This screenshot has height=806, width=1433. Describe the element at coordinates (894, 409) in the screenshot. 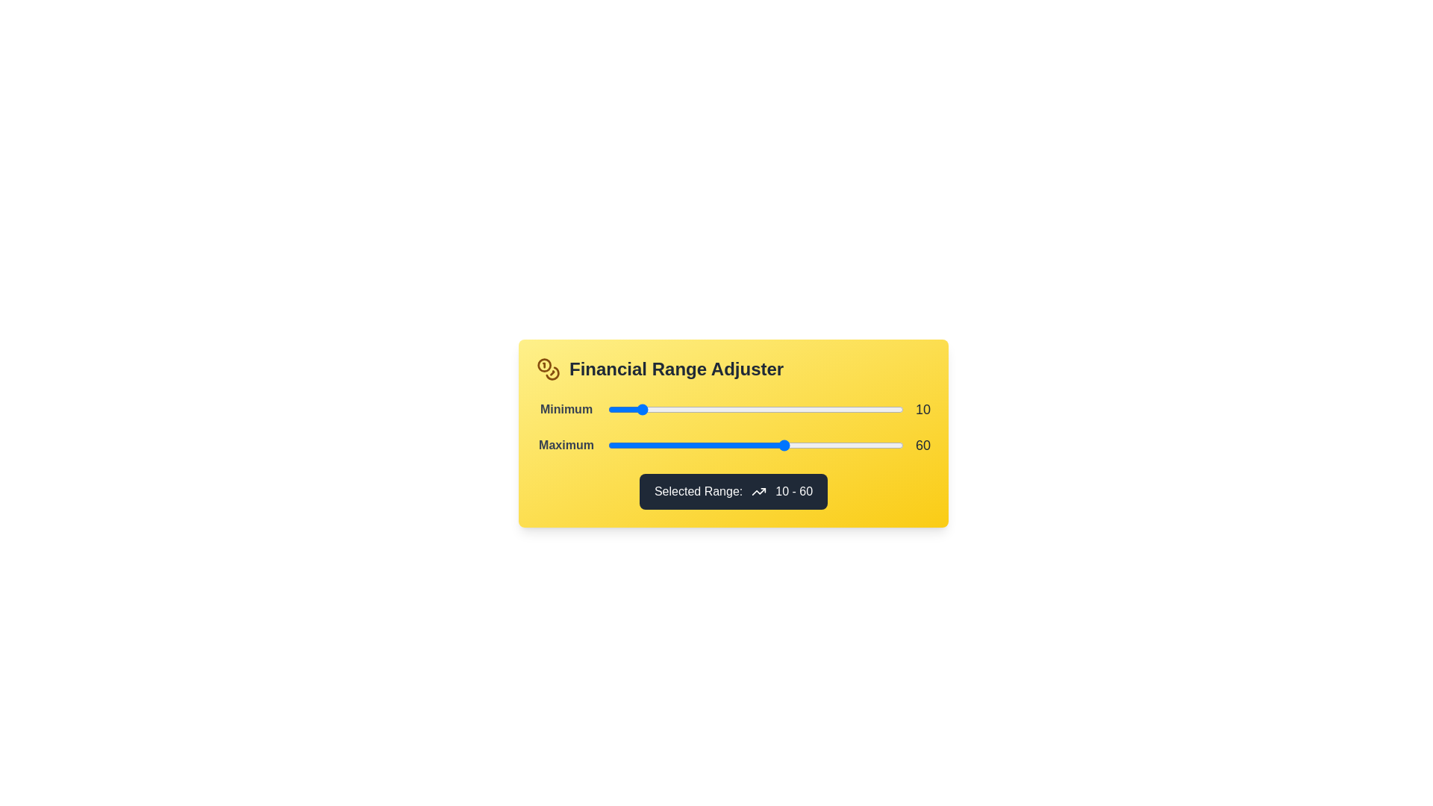

I see `the 'Minimum' slider to 97 within its range` at that location.